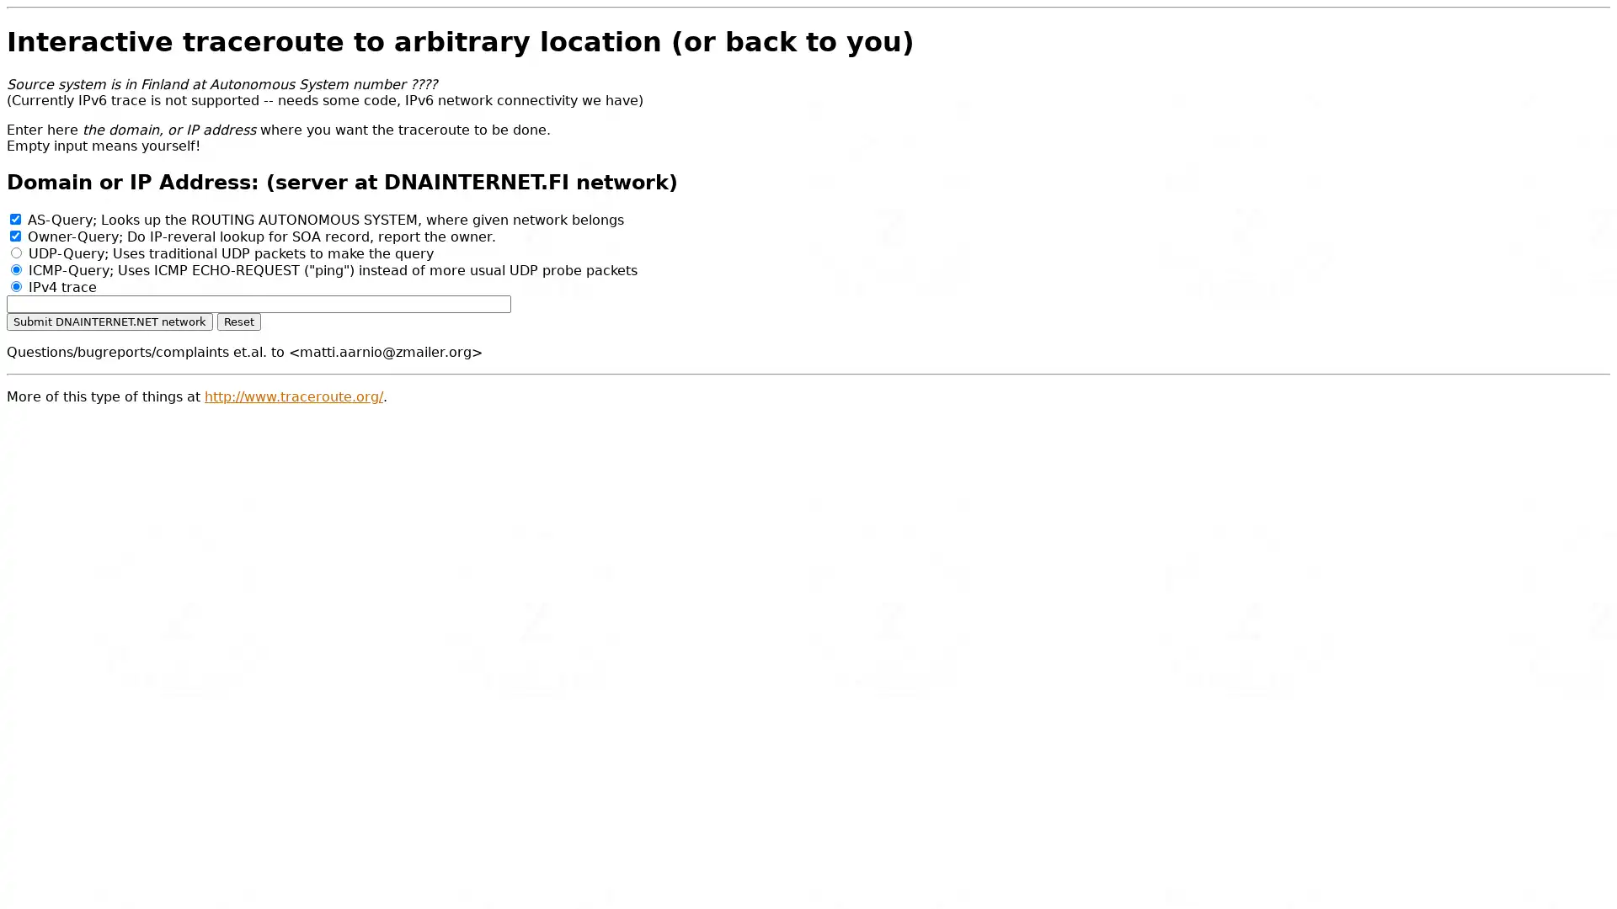 This screenshot has height=909, width=1617. What do you see at coordinates (109, 321) in the screenshot?
I see `Submit DNAINTERNET.NET network` at bounding box center [109, 321].